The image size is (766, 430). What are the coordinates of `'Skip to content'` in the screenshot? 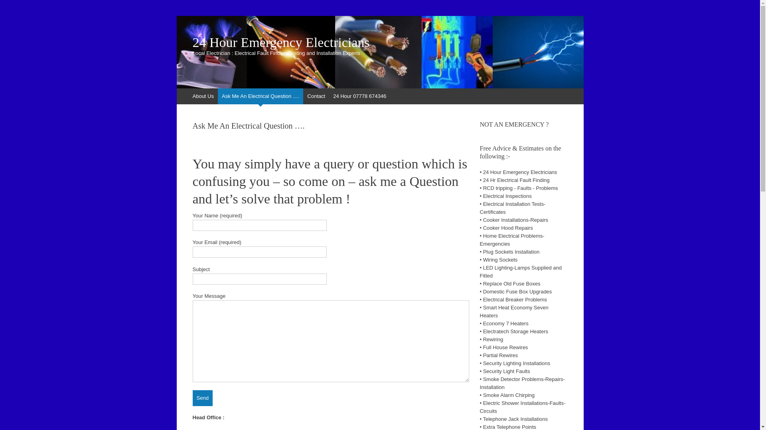 It's located at (197, 96).